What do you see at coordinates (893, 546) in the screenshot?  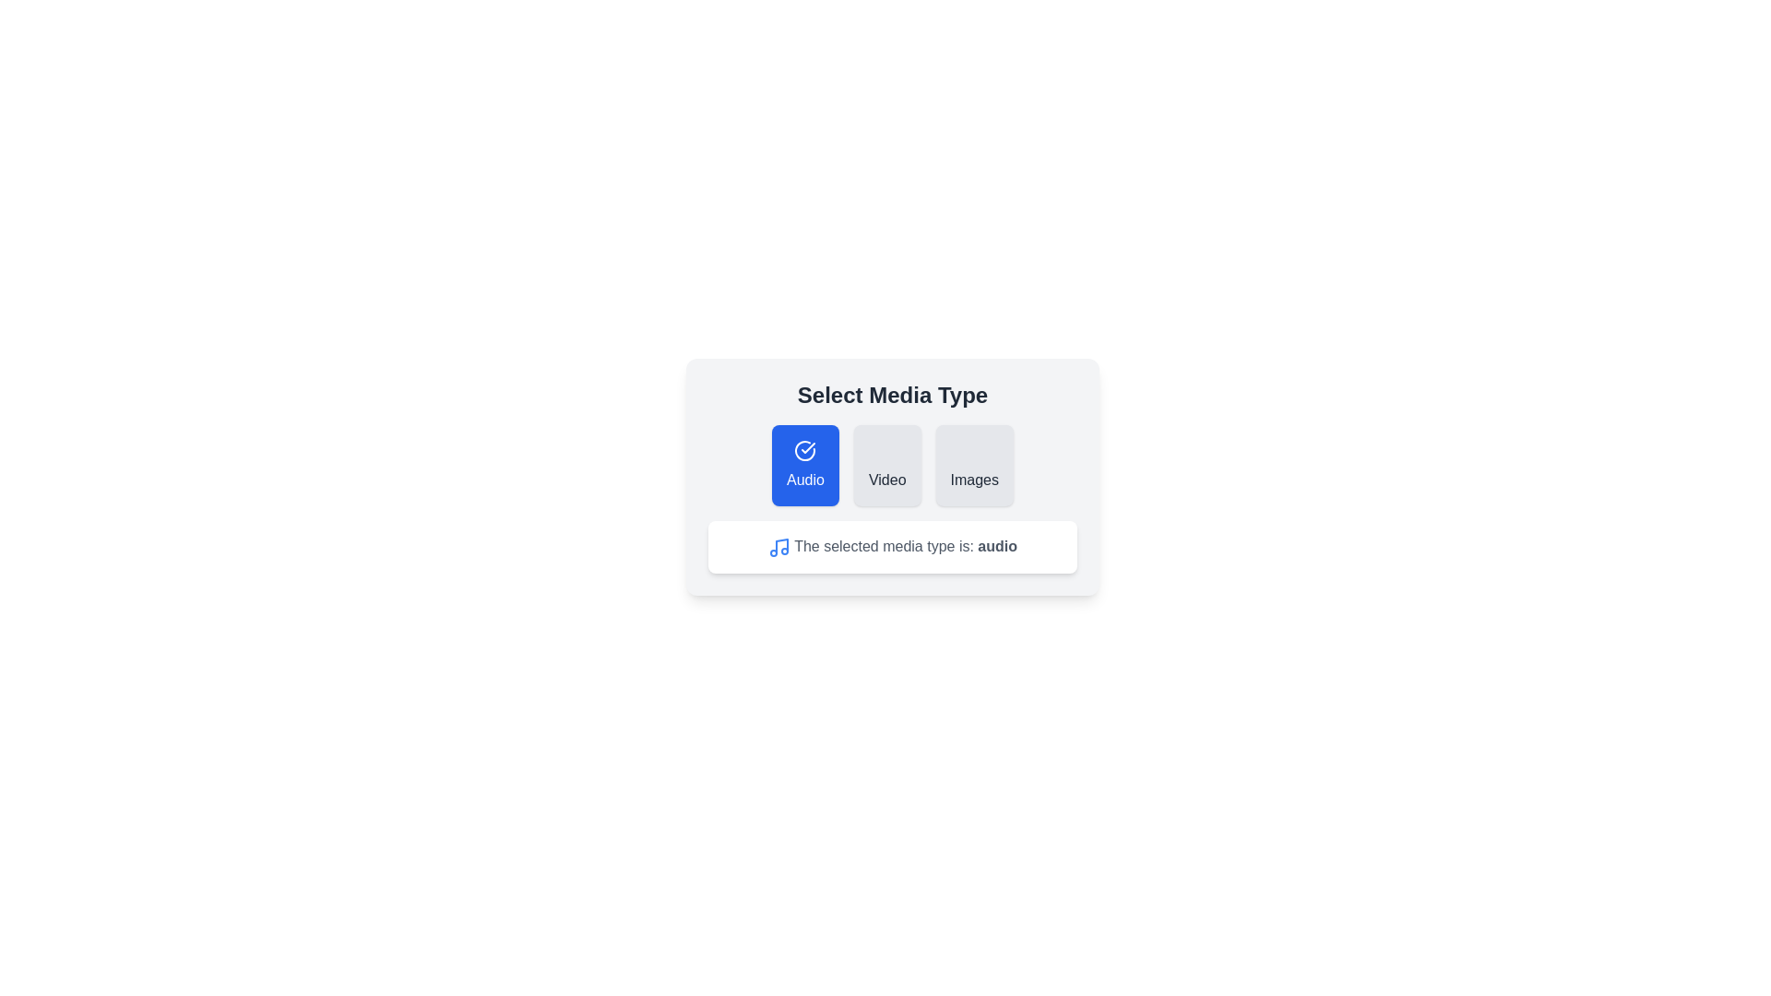 I see `the static text 'The selected media type is: audio' with a blue music icon to possibly see a tooltip` at bounding box center [893, 546].